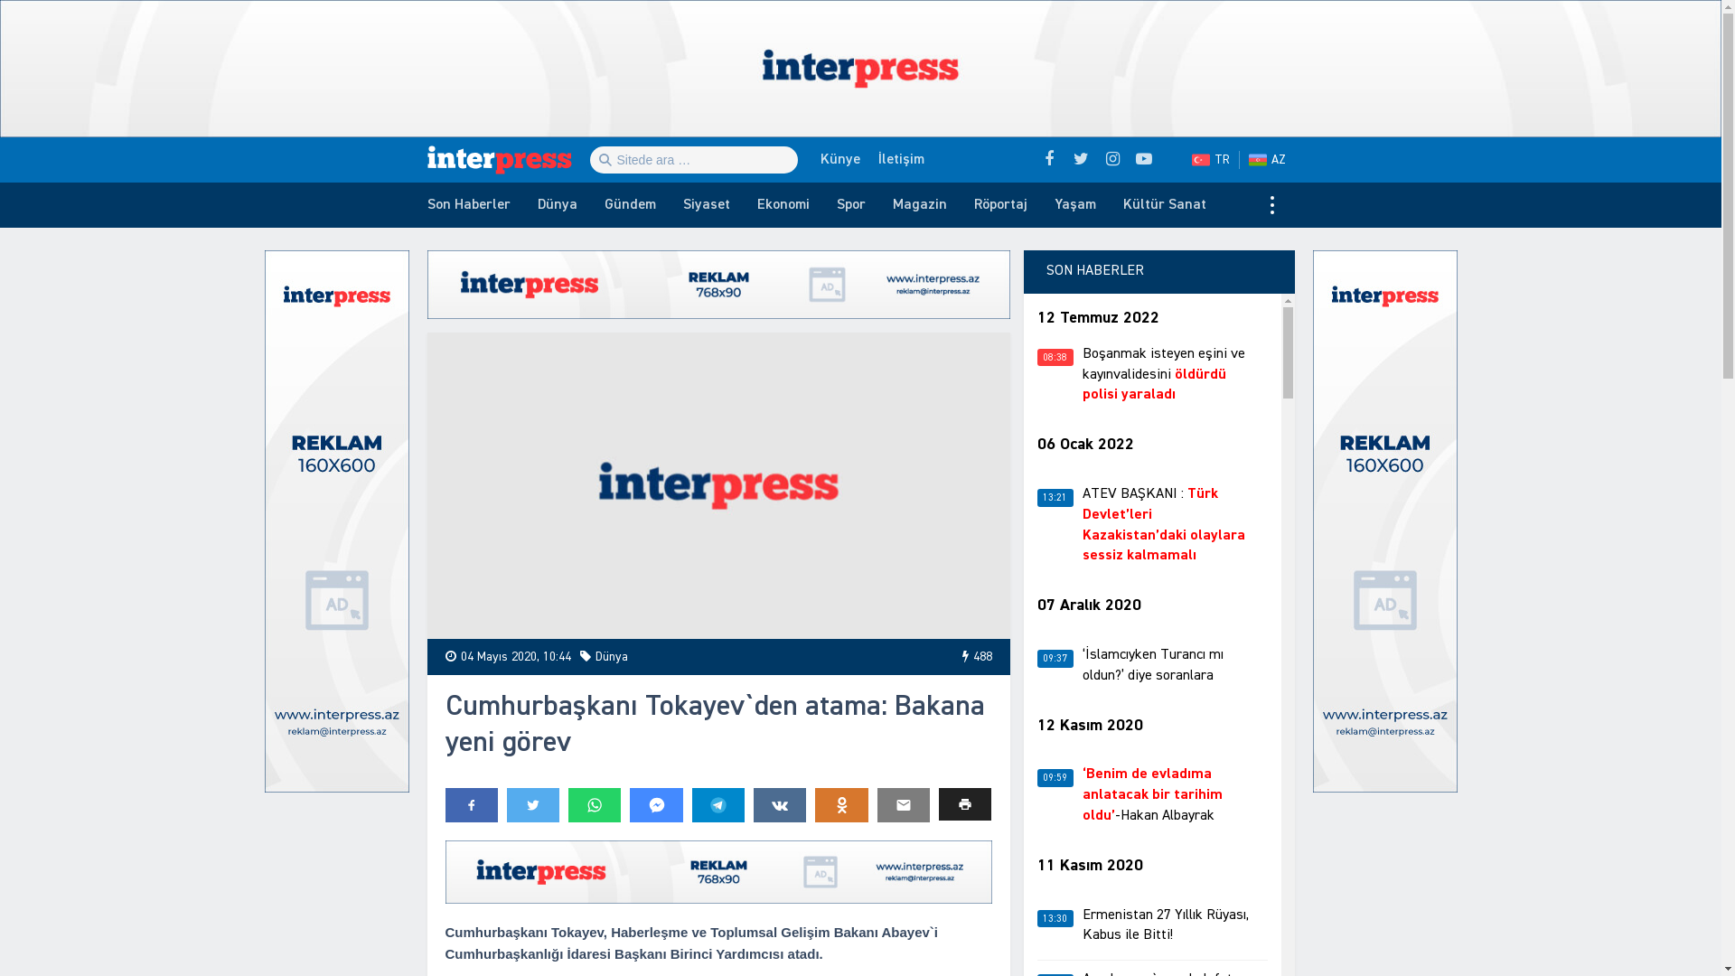  What do you see at coordinates (532, 804) in the screenshot?
I see `'Share: Twitter'` at bounding box center [532, 804].